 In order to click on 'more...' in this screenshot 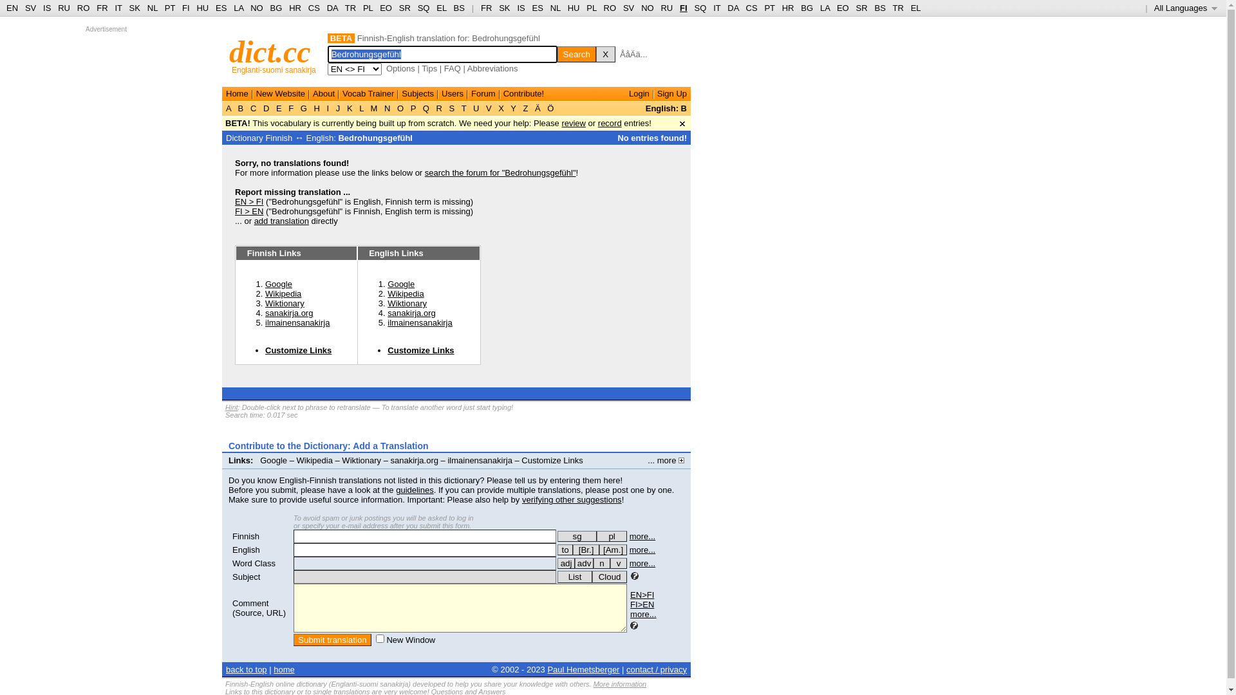, I will do `click(642, 536)`.